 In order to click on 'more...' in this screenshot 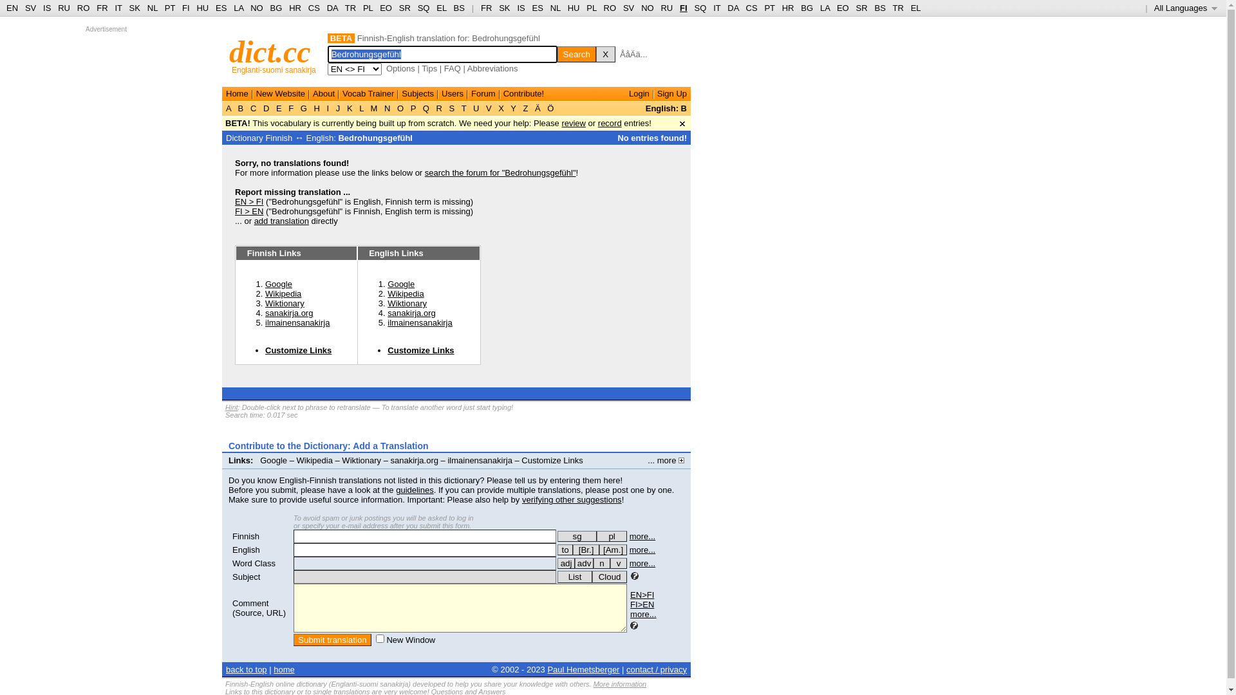, I will do `click(642, 536)`.